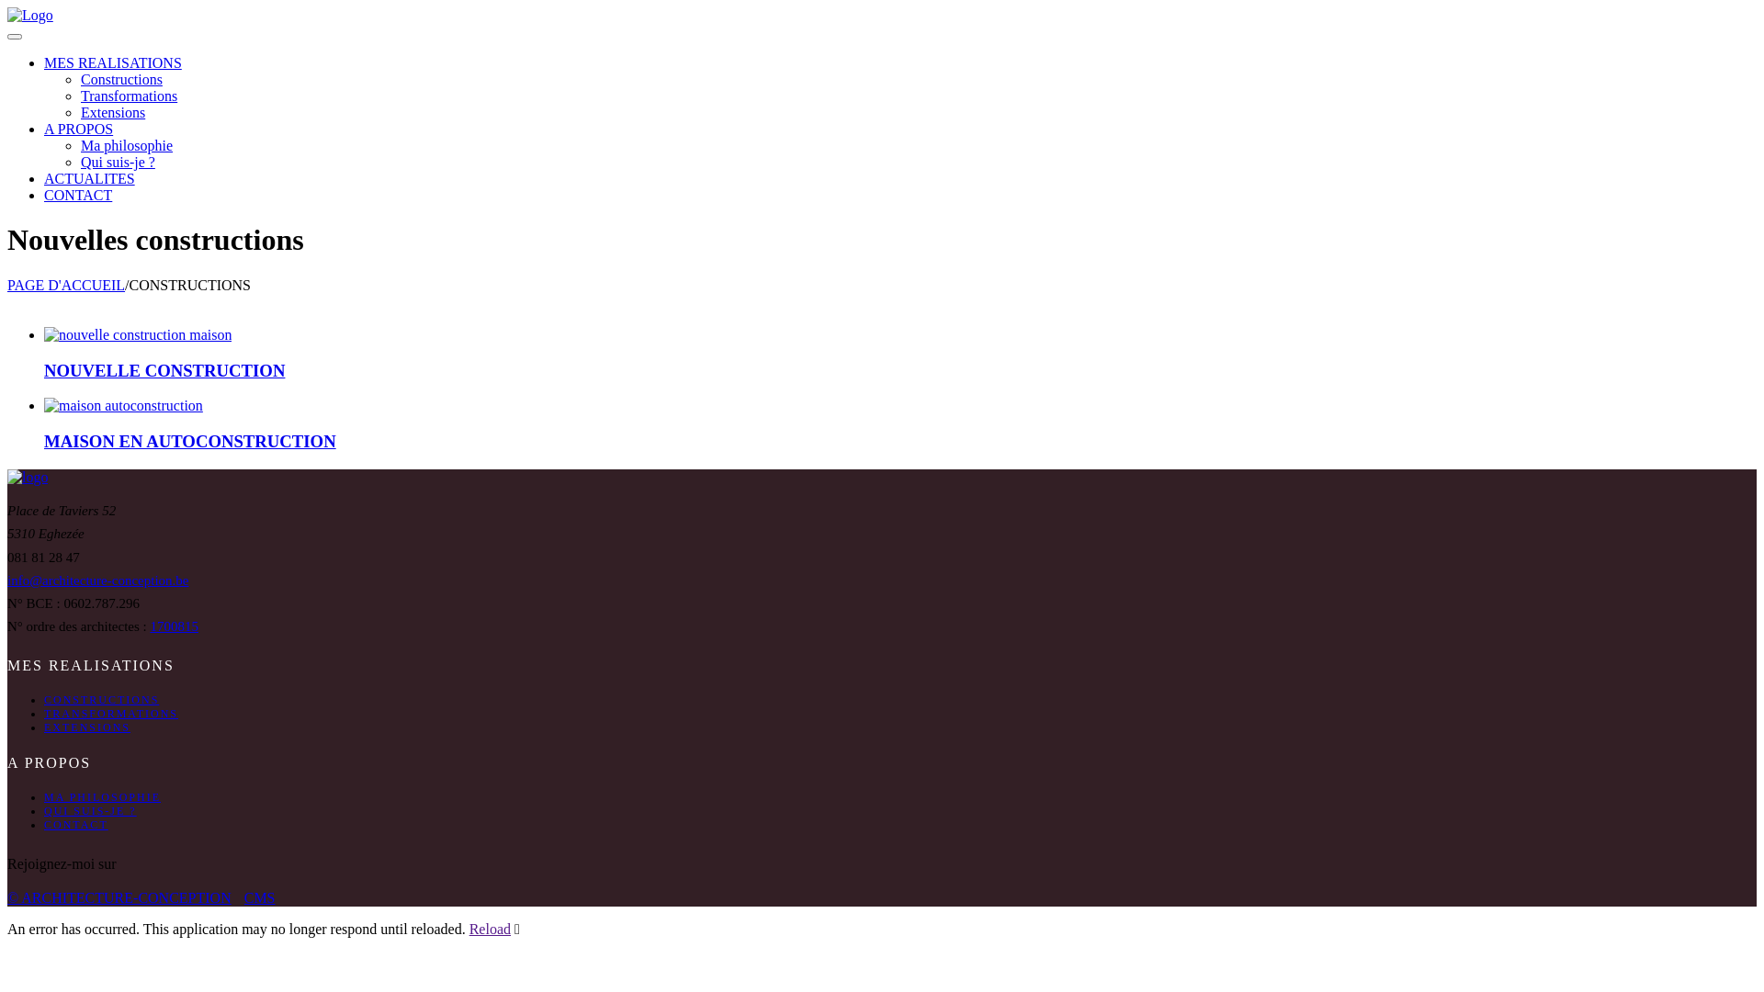  What do you see at coordinates (44, 62) in the screenshot?
I see `'MES REALISATIONS'` at bounding box center [44, 62].